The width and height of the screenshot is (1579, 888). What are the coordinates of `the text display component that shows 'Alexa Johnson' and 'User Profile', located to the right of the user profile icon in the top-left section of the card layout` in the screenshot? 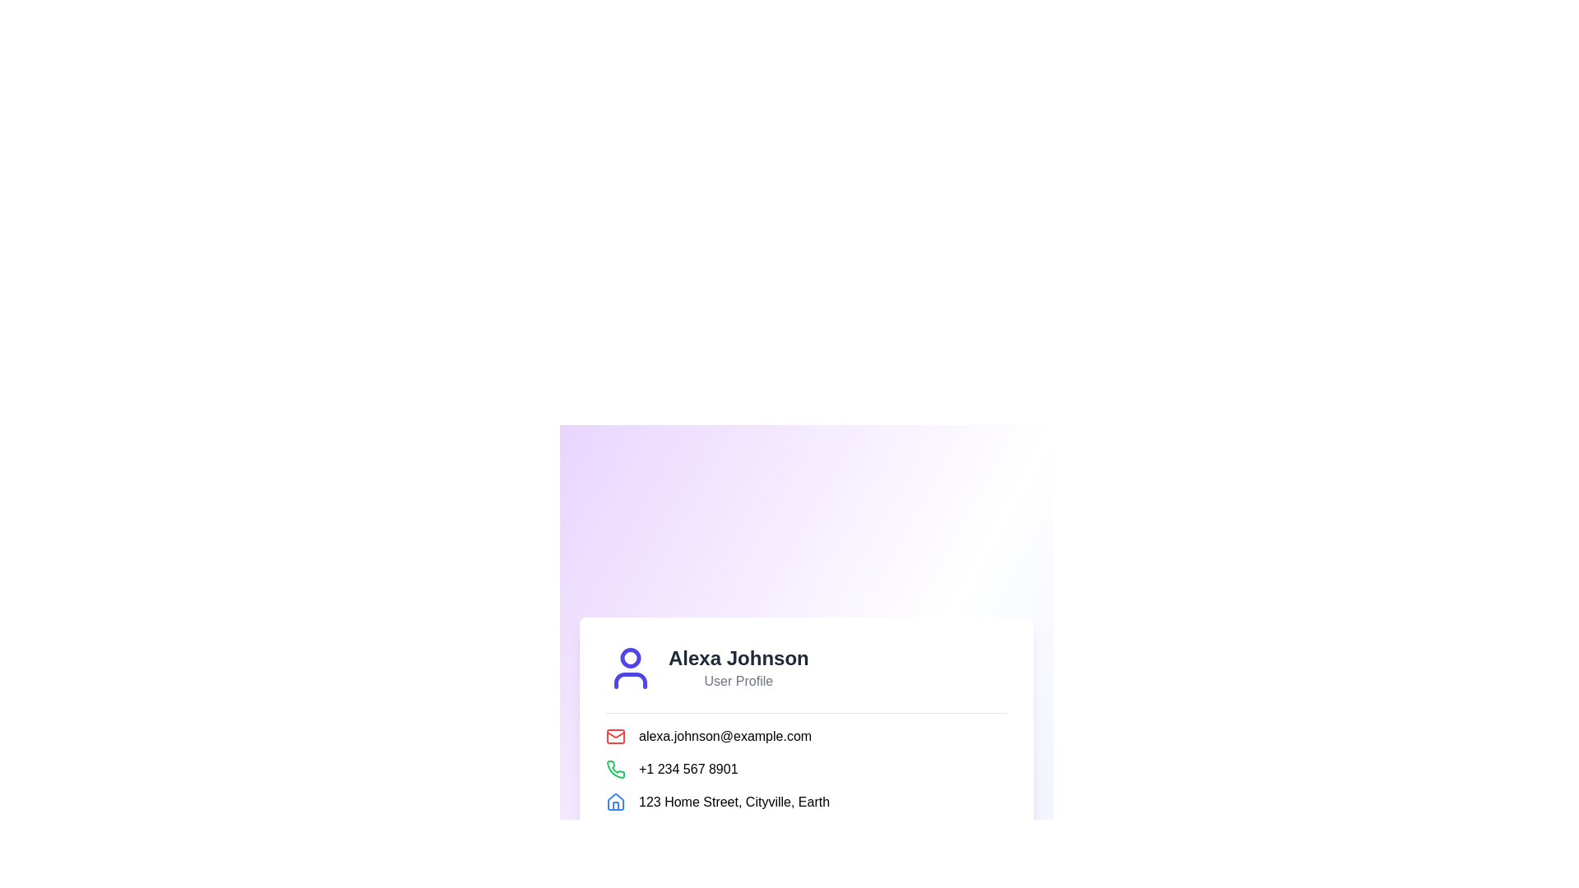 It's located at (738, 668).